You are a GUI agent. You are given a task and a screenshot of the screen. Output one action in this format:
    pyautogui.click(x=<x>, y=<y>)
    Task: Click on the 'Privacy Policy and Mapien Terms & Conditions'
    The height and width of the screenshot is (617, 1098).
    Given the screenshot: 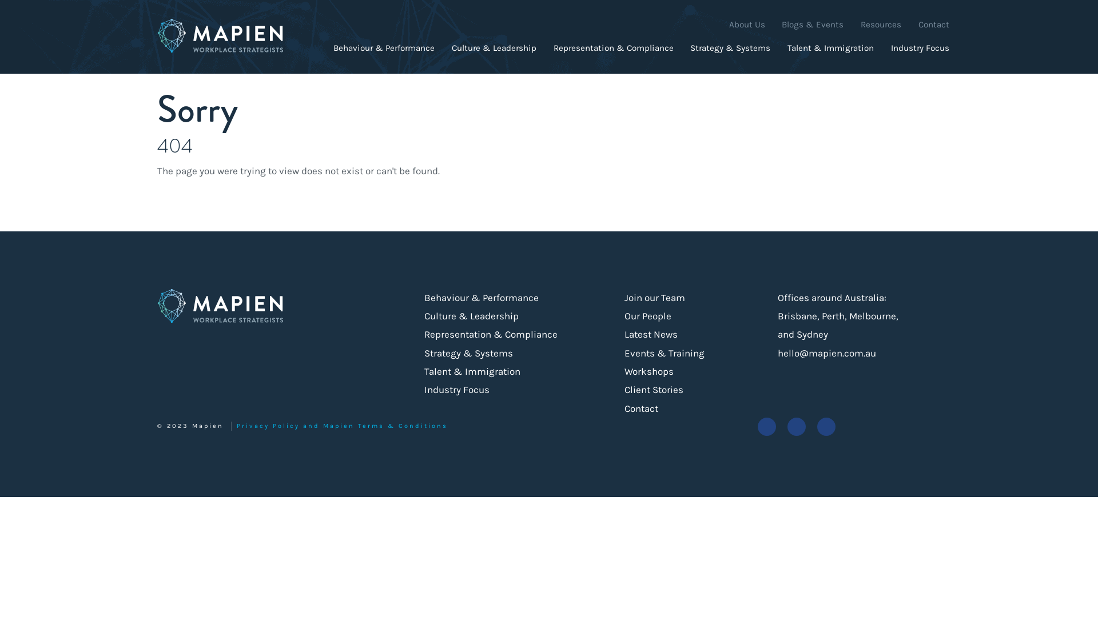 What is the action you would take?
    pyautogui.click(x=236, y=426)
    